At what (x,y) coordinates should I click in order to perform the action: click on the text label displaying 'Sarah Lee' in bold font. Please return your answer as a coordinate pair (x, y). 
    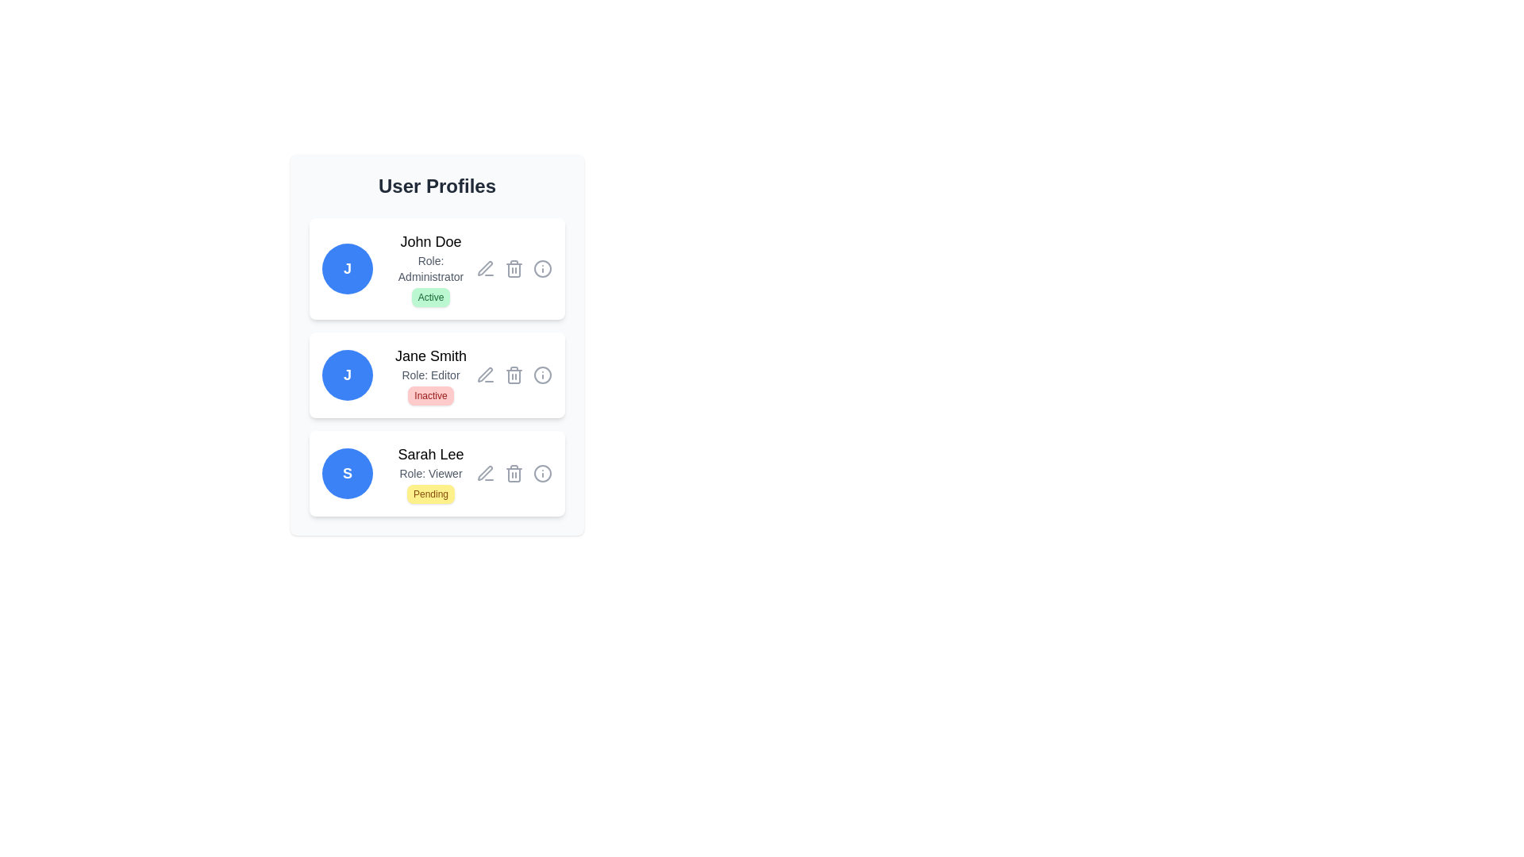
    Looking at the image, I should click on (430, 455).